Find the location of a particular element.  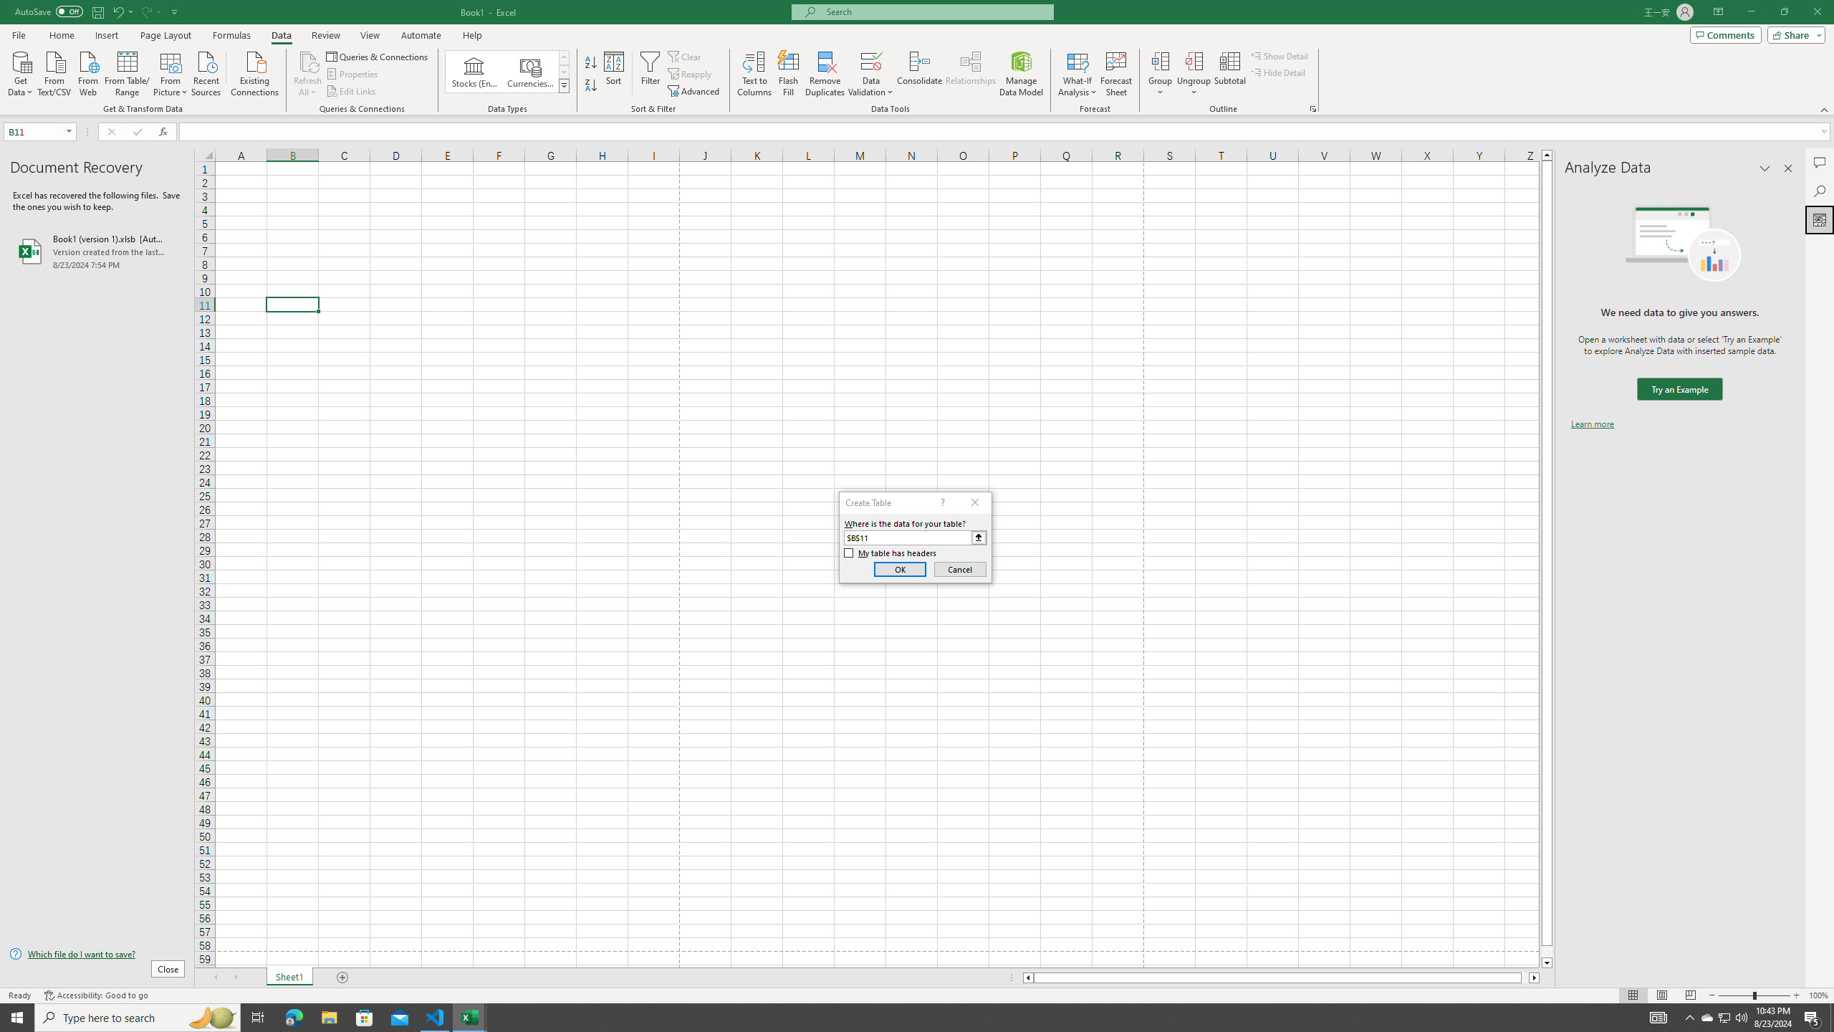

'Group and Outline Settings' is located at coordinates (1312, 107).